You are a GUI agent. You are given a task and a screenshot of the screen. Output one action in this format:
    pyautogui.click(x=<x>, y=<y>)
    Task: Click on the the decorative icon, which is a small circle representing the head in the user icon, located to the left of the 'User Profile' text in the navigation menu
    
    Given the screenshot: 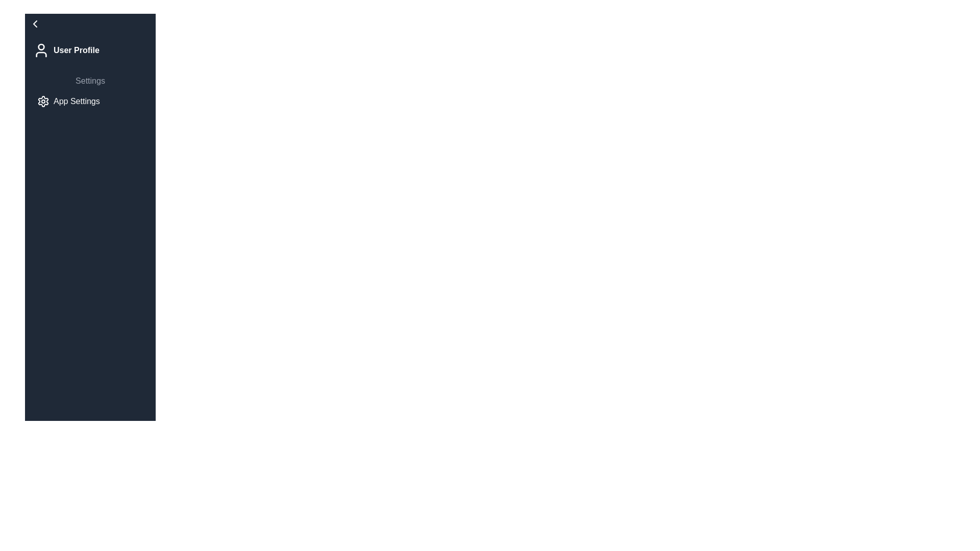 What is the action you would take?
    pyautogui.click(x=41, y=47)
    